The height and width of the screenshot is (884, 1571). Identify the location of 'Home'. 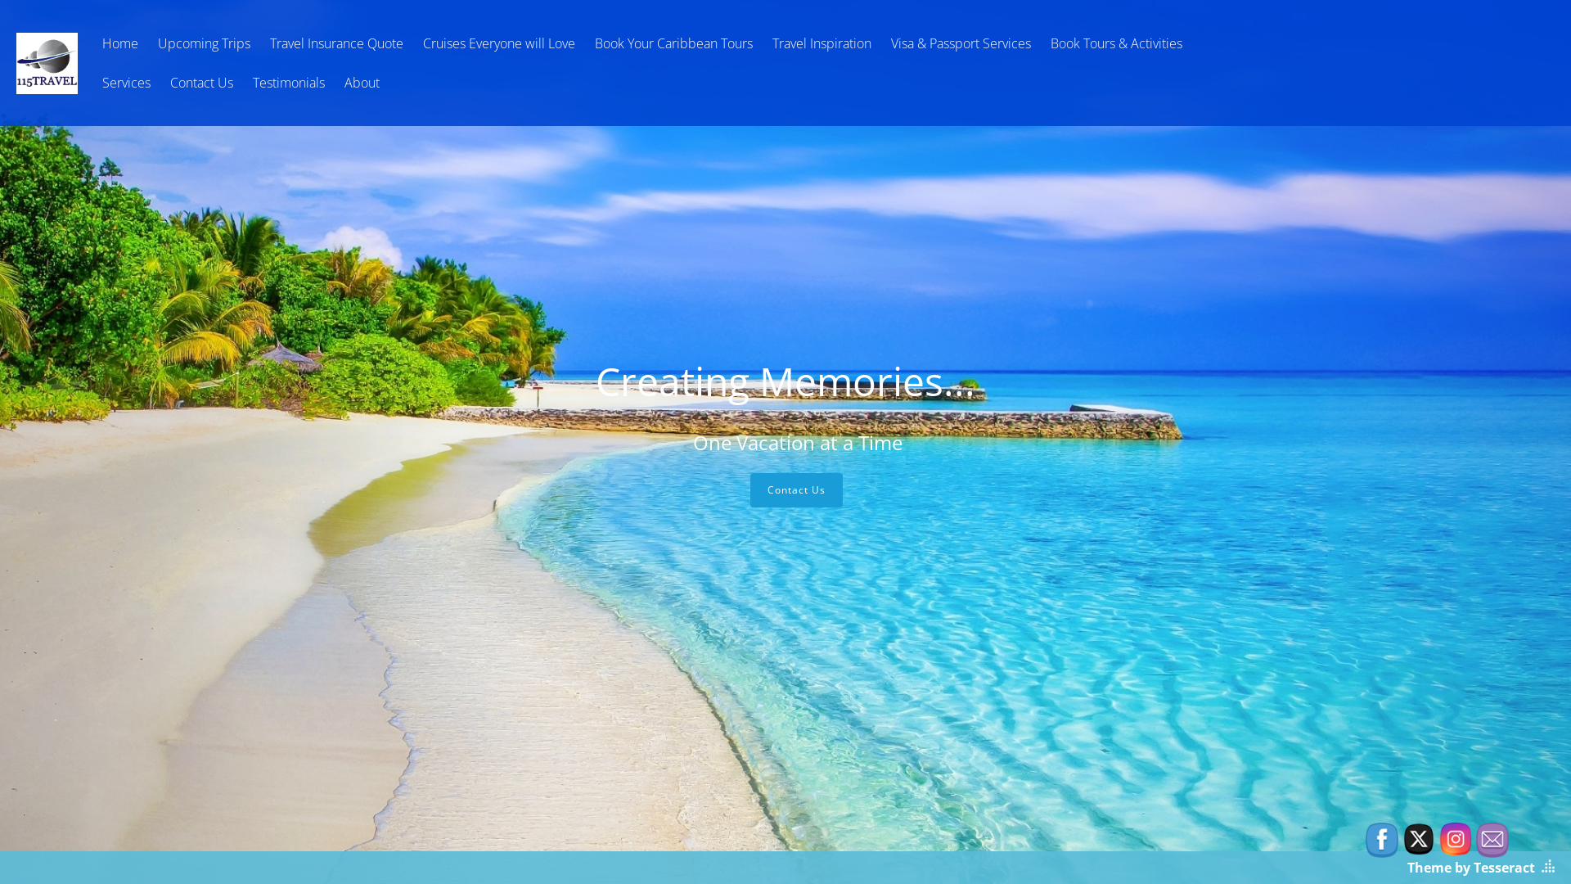
(119, 43).